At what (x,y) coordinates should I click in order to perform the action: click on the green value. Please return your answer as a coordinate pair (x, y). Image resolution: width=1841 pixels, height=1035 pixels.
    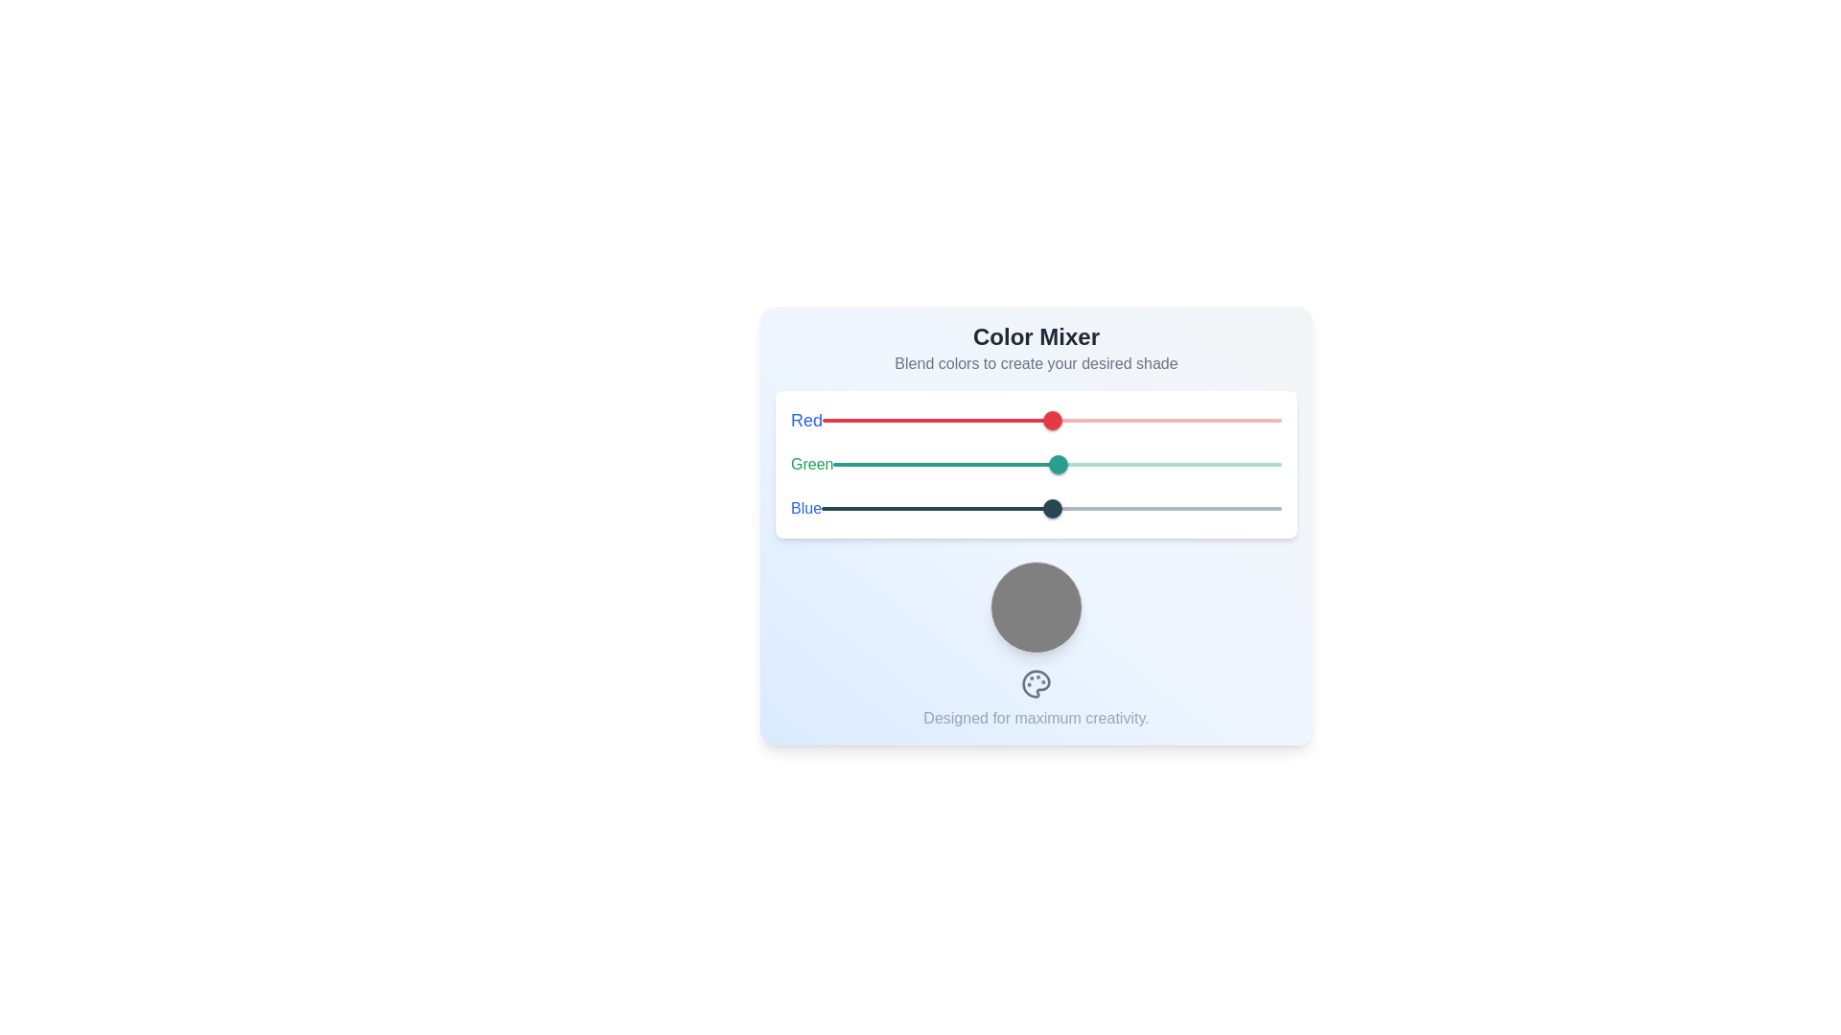
    Looking at the image, I should click on (1101, 465).